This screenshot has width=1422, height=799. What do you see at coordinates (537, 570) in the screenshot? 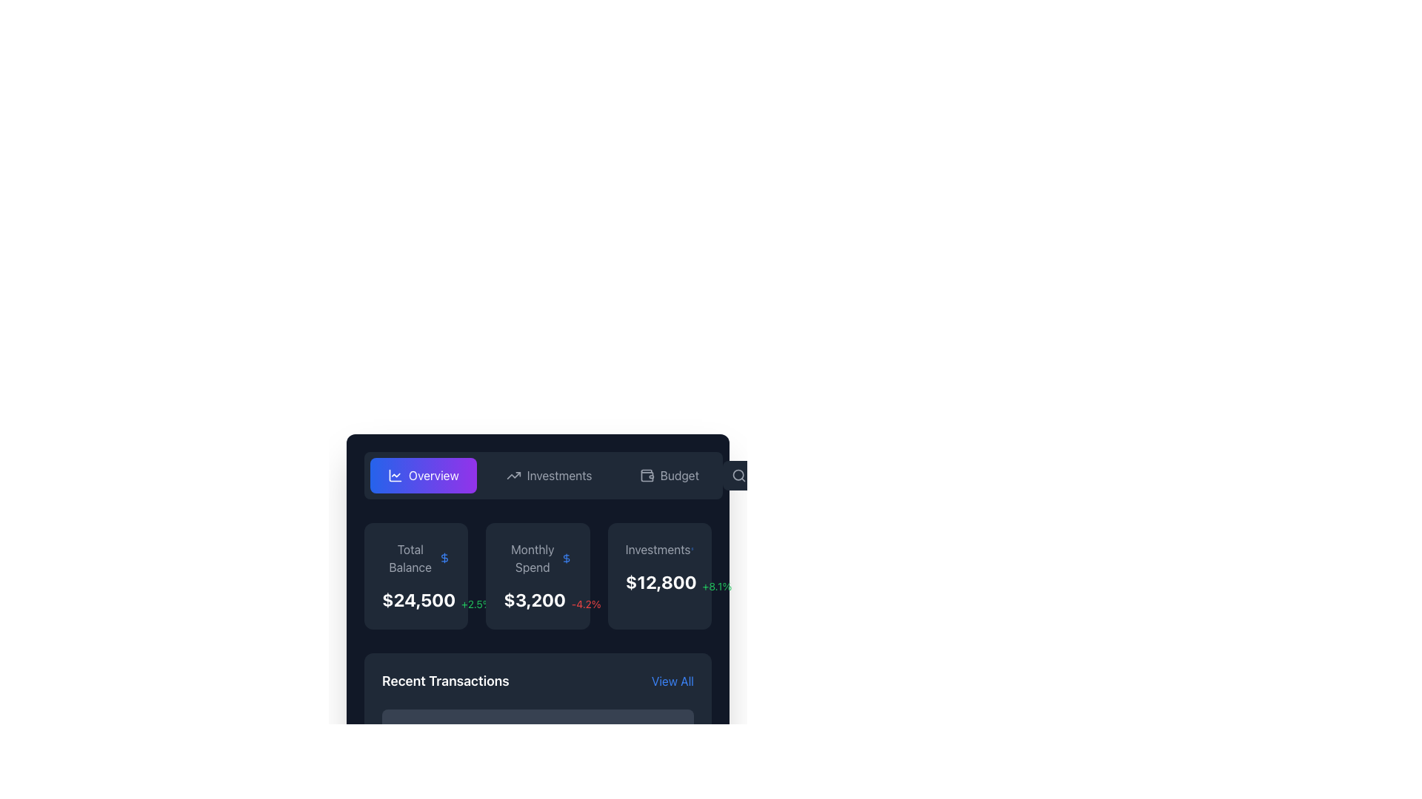
I see `the displayed data on the Dashboard Card located at the top-left portion of the dashboard interface` at bounding box center [537, 570].